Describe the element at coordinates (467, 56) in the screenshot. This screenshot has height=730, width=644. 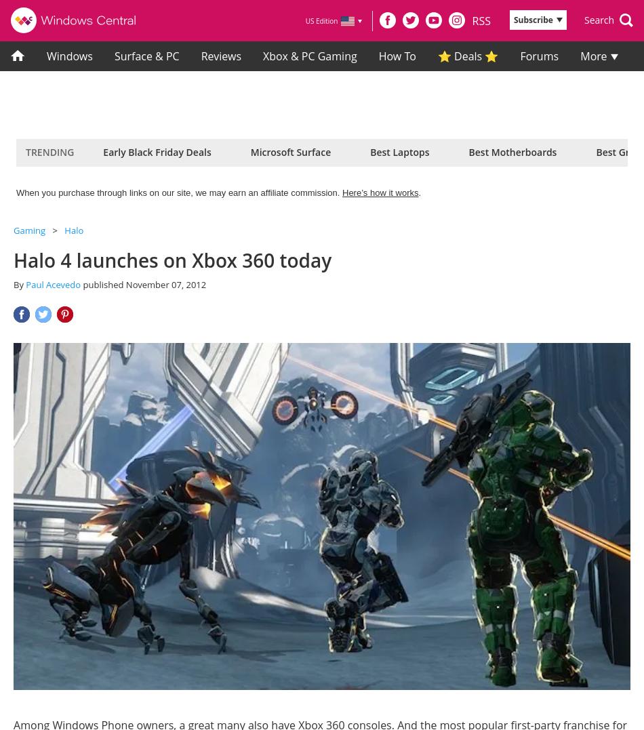
I see `'⭐ Deals ⭐'` at that location.